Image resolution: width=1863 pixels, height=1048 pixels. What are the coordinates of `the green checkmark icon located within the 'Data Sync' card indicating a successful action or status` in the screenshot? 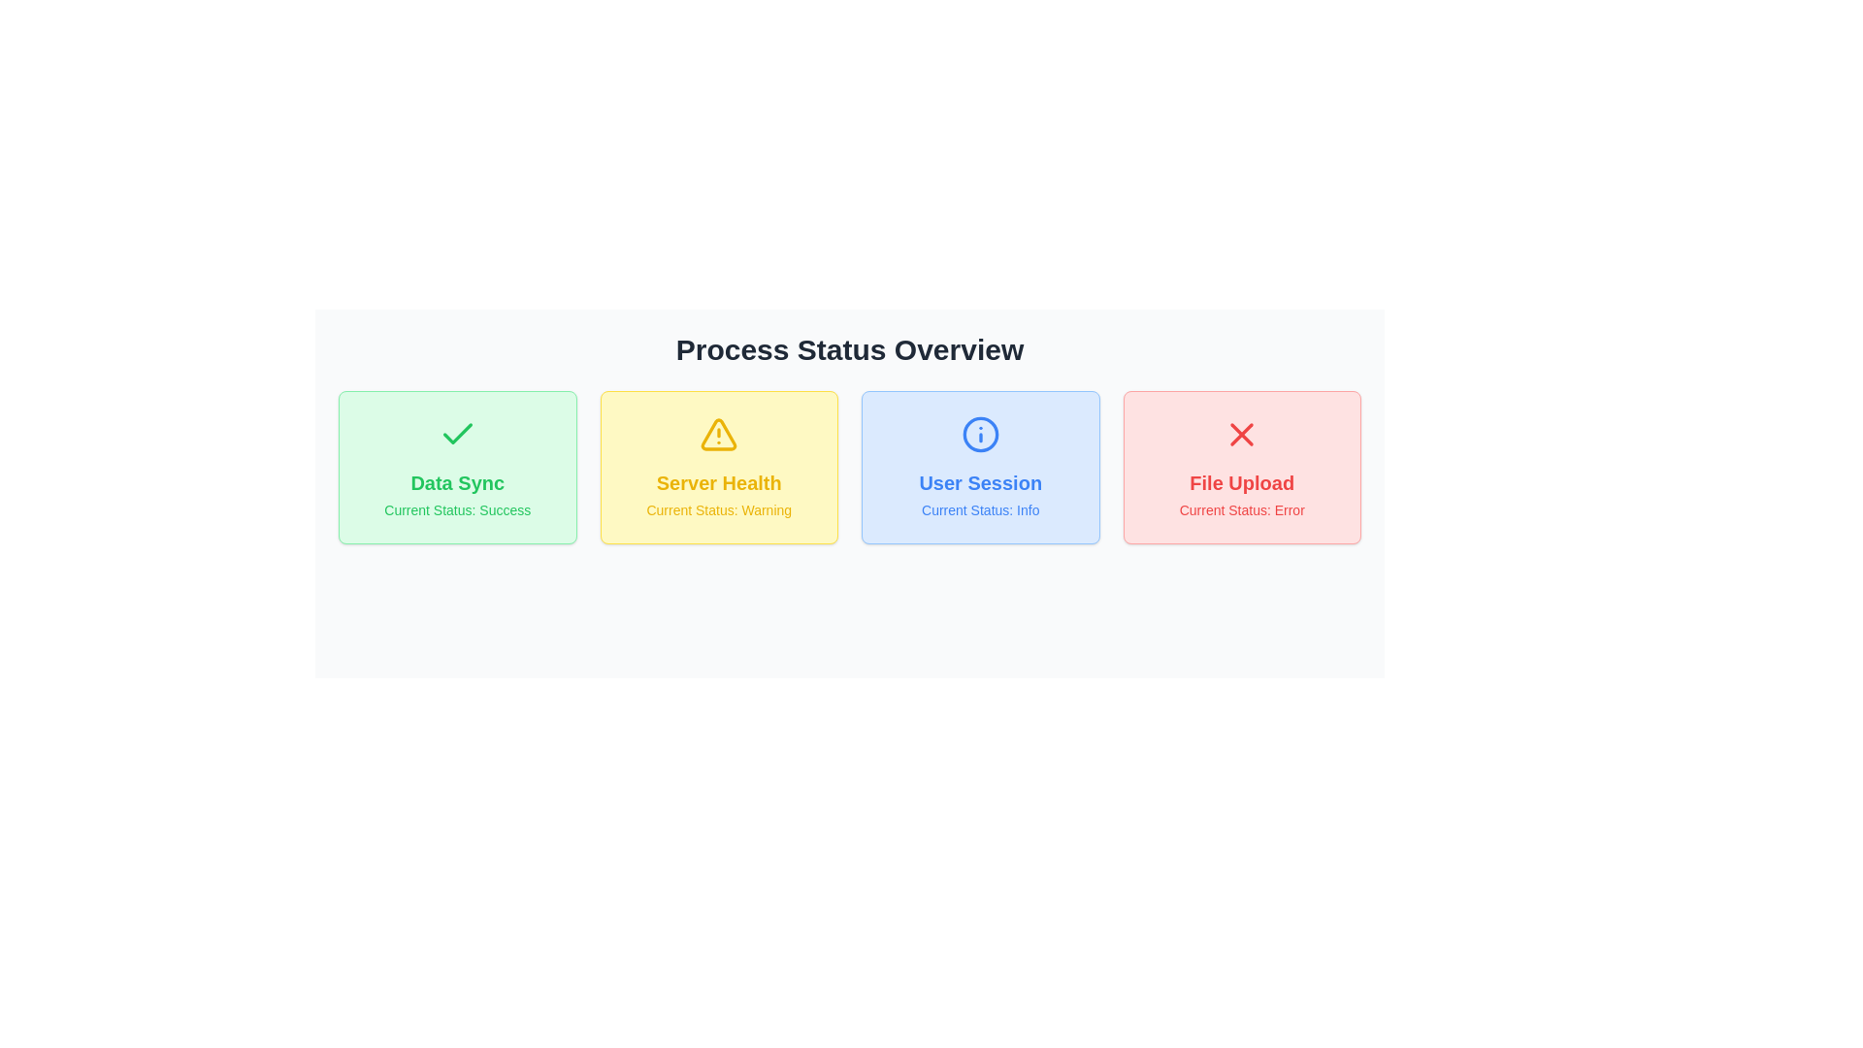 It's located at (456, 433).